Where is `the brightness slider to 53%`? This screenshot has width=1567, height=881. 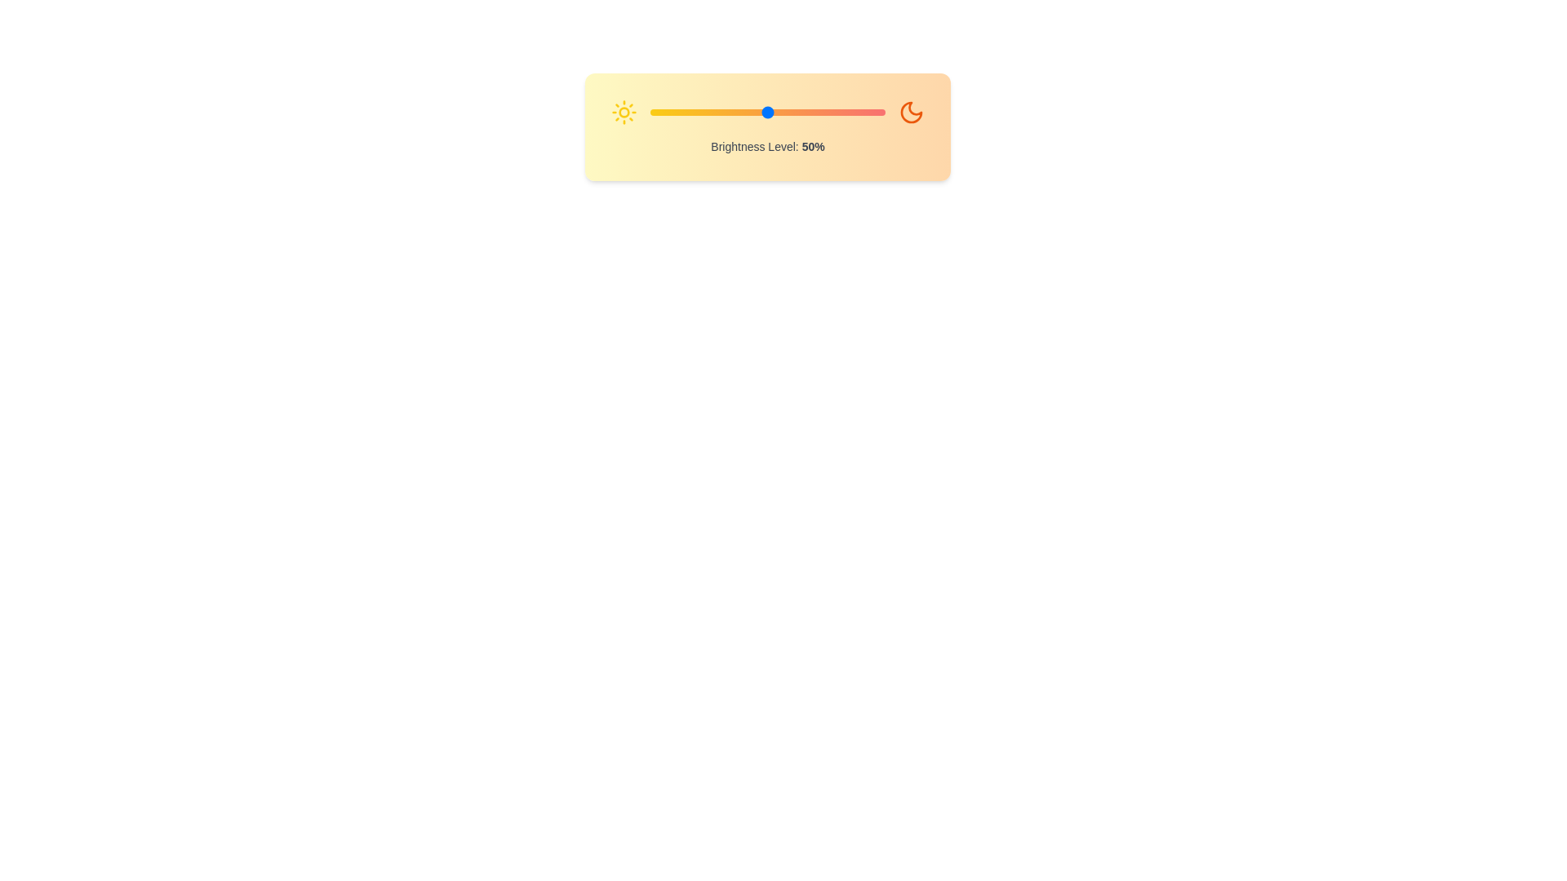 the brightness slider to 53% is located at coordinates (774, 112).